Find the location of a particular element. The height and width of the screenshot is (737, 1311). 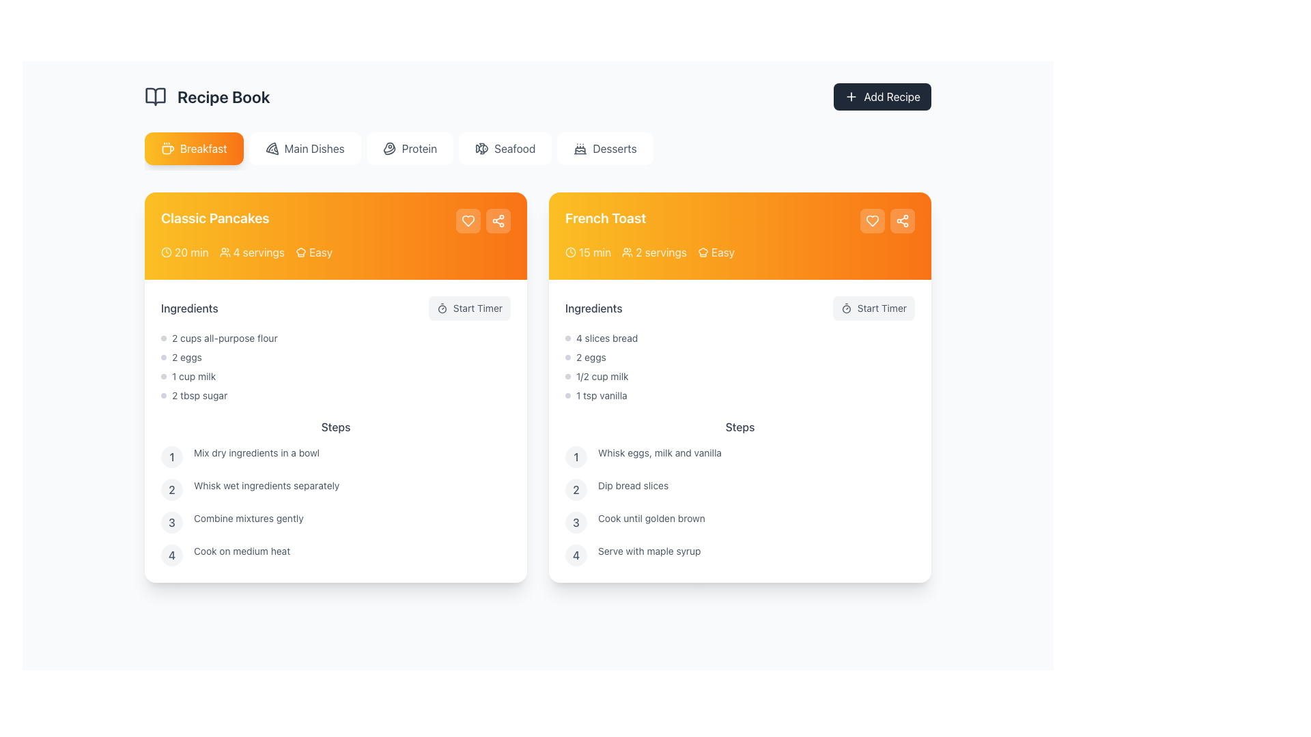

the static header label located at the top-left of the interface, positioned immediately to the right of an open book icon is located at coordinates (223, 96).